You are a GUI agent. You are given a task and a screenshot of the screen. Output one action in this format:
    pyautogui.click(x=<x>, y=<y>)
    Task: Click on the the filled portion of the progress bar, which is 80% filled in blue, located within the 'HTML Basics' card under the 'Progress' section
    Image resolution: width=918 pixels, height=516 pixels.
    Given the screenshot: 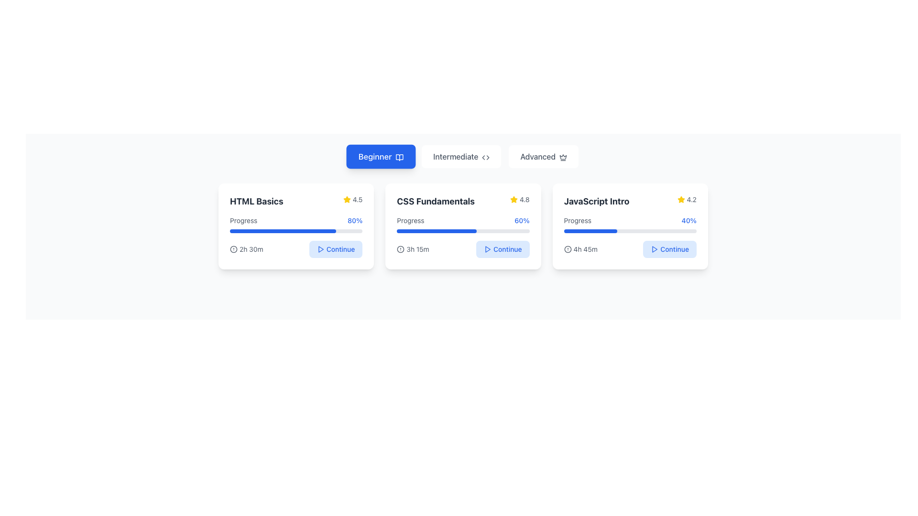 What is the action you would take?
    pyautogui.click(x=282, y=231)
    